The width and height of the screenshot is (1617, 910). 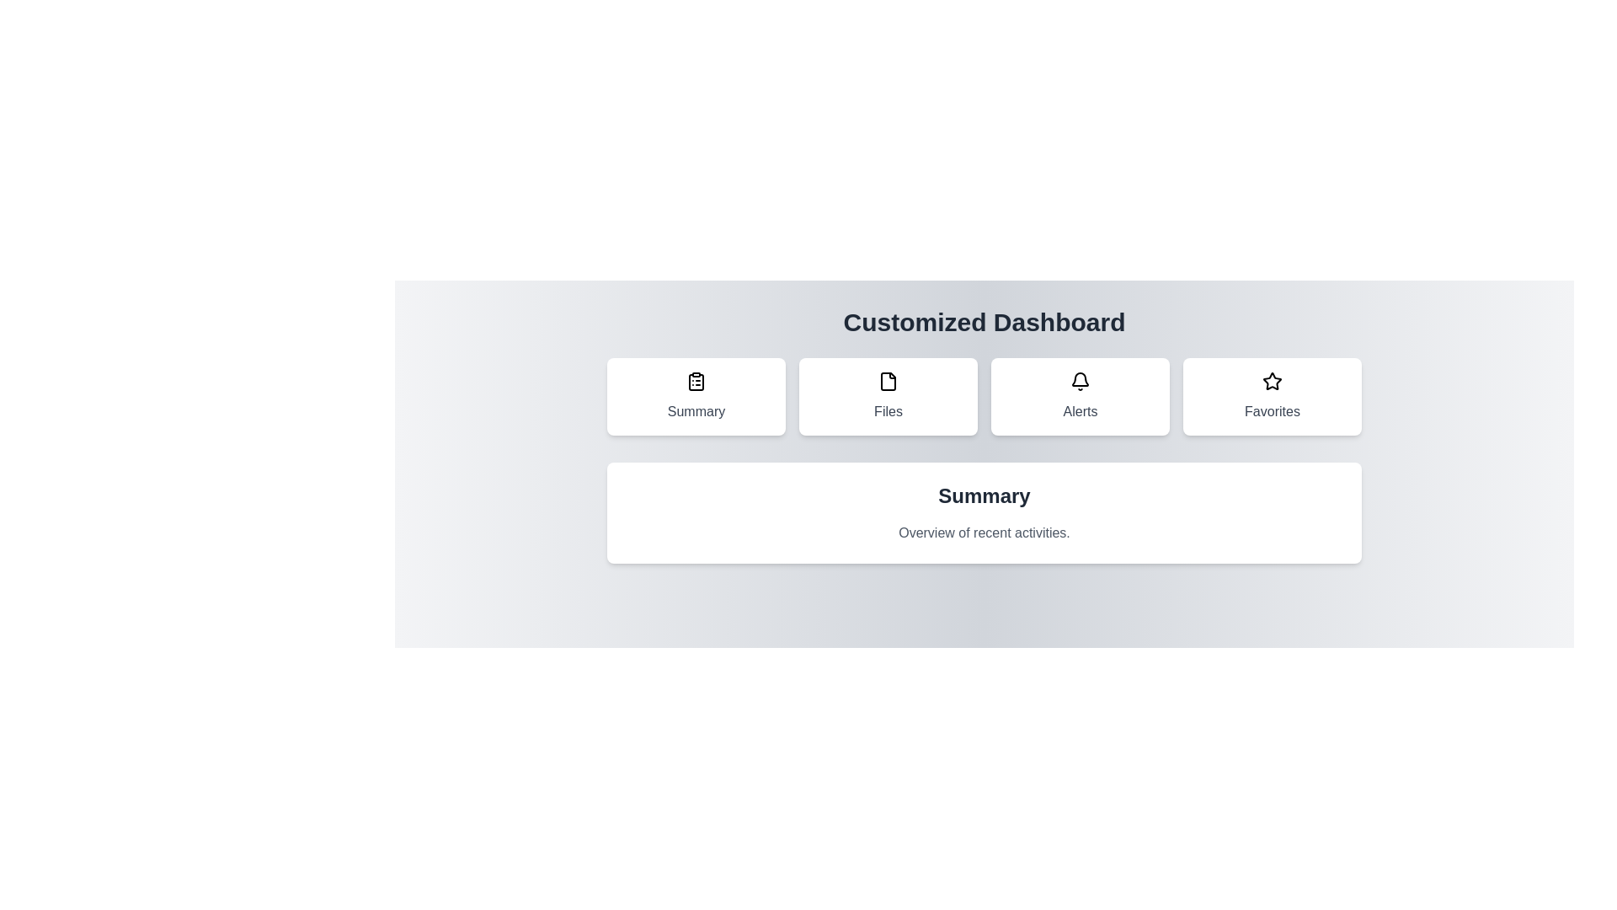 I want to click on the 'Summary' text label, which is styled in medium font weight and gray color, located below the clipboard icon in the first card of the grid, so click(x=696, y=412).